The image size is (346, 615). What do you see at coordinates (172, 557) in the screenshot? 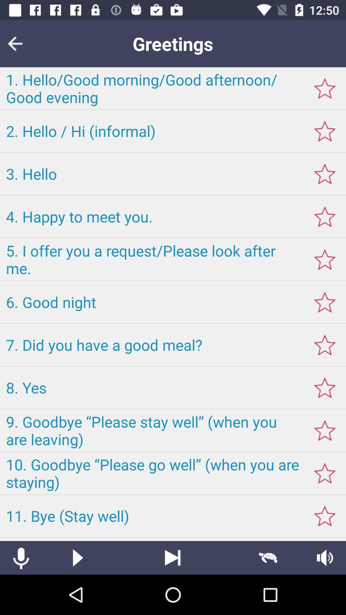
I see `the skip_next icon` at bounding box center [172, 557].